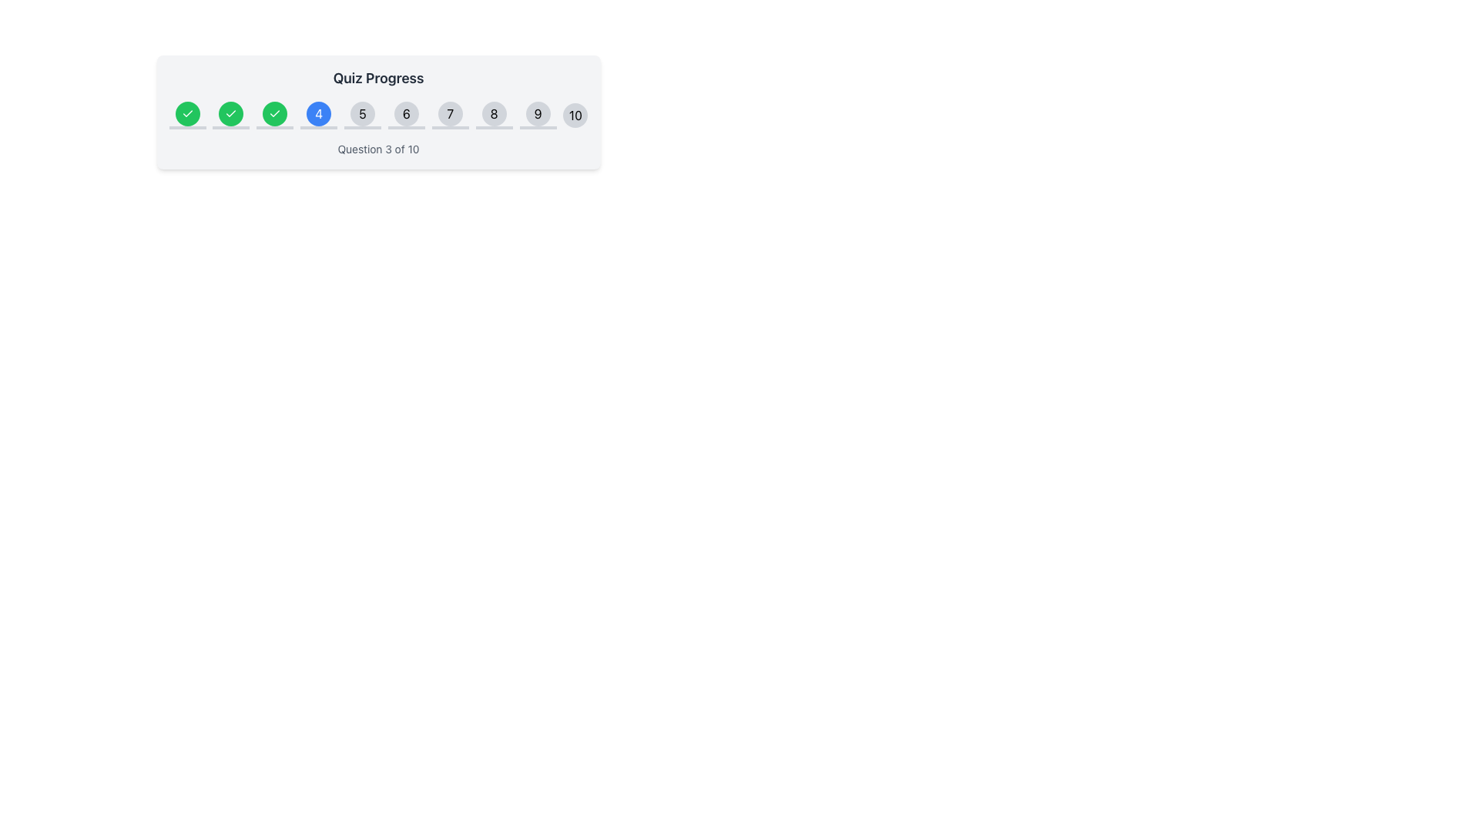 The height and width of the screenshot is (832, 1479). I want to click on the fourth stage indicator button in the Quiz Progress section to interact with it, so click(318, 115).